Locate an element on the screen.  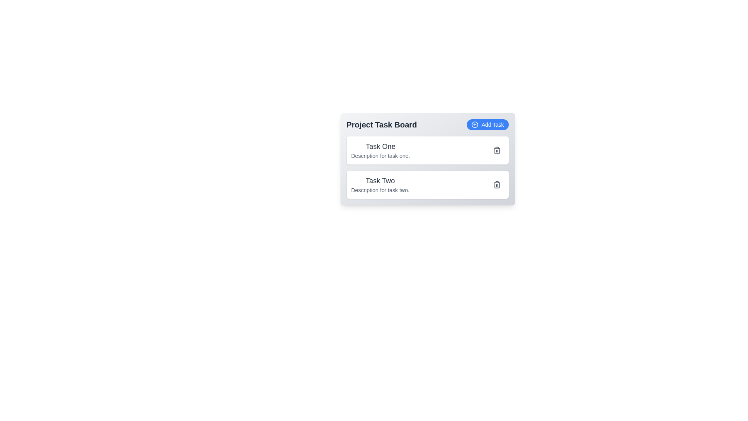
the delete icon button located at the right-hand side of the 'Task Two' panel is located at coordinates (496, 185).